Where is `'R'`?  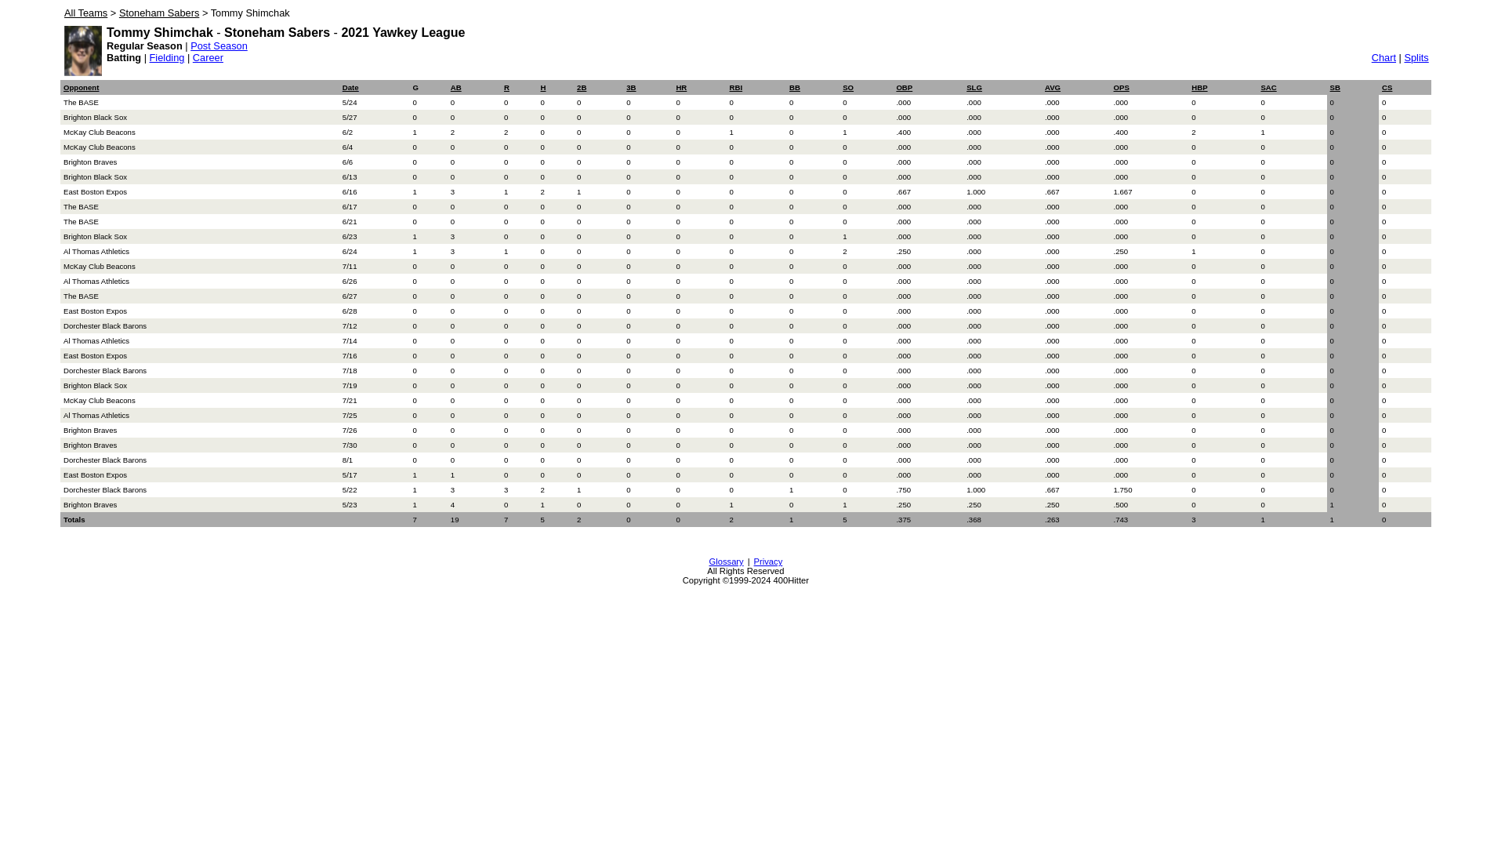
'R' is located at coordinates (506, 87).